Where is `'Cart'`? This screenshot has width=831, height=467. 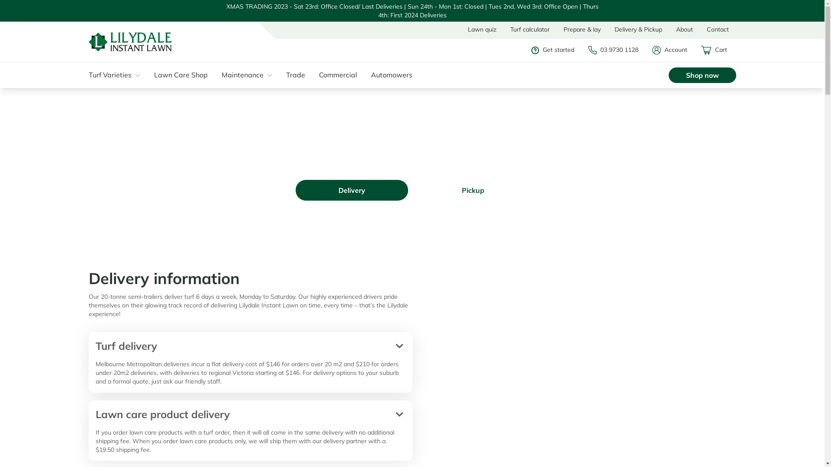
'Cart' is located at coordinates (718, 50).